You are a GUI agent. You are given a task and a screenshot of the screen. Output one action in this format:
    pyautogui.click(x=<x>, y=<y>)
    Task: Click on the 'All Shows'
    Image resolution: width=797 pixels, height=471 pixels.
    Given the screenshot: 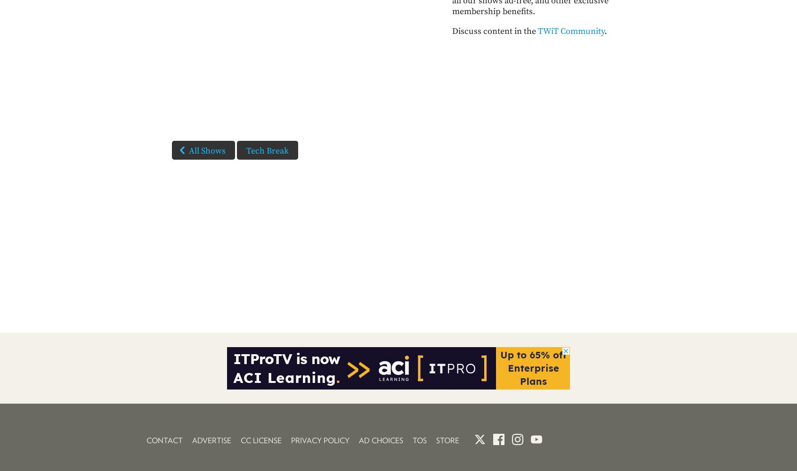 What is the action you would take?
    pyautogui.click(x=206, y=150)
    